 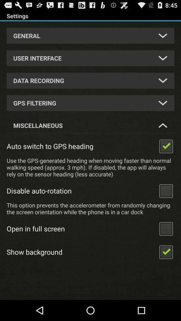 I want to click on tick the open in full screen, so click(x=166, y=228).